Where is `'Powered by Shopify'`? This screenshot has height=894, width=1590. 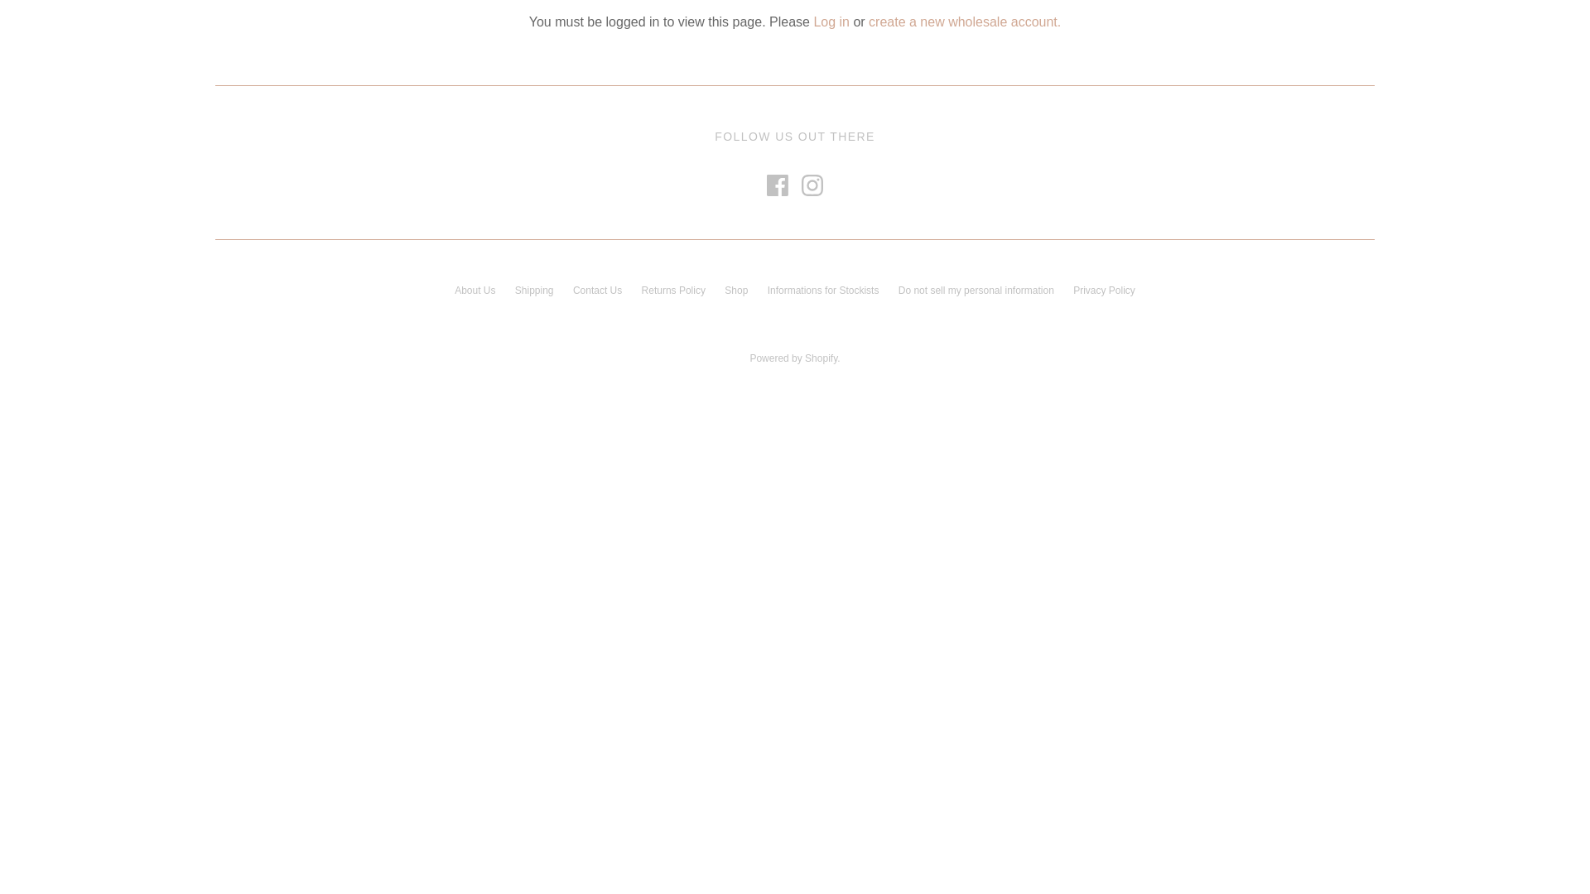 'Powered by Shopify' is located at coordinates (793, 357).